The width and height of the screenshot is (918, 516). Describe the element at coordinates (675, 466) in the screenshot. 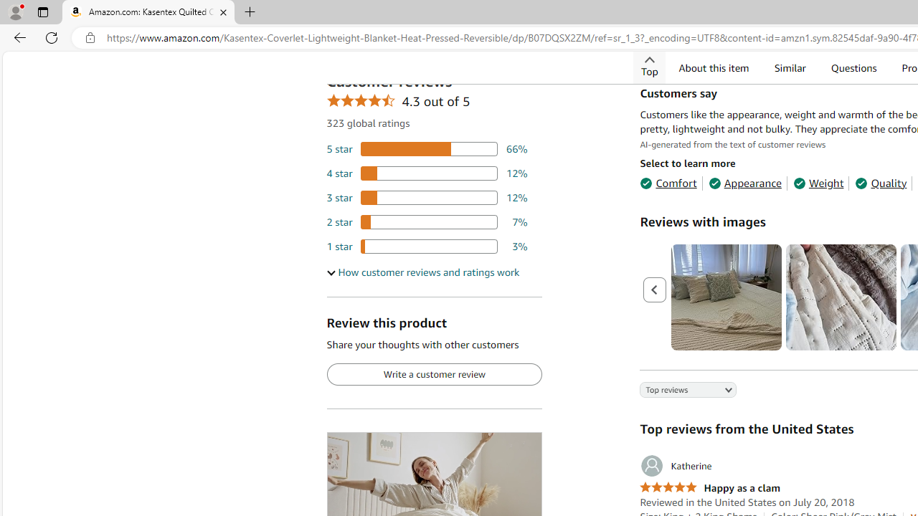

I see `'Katherine'` at that location.